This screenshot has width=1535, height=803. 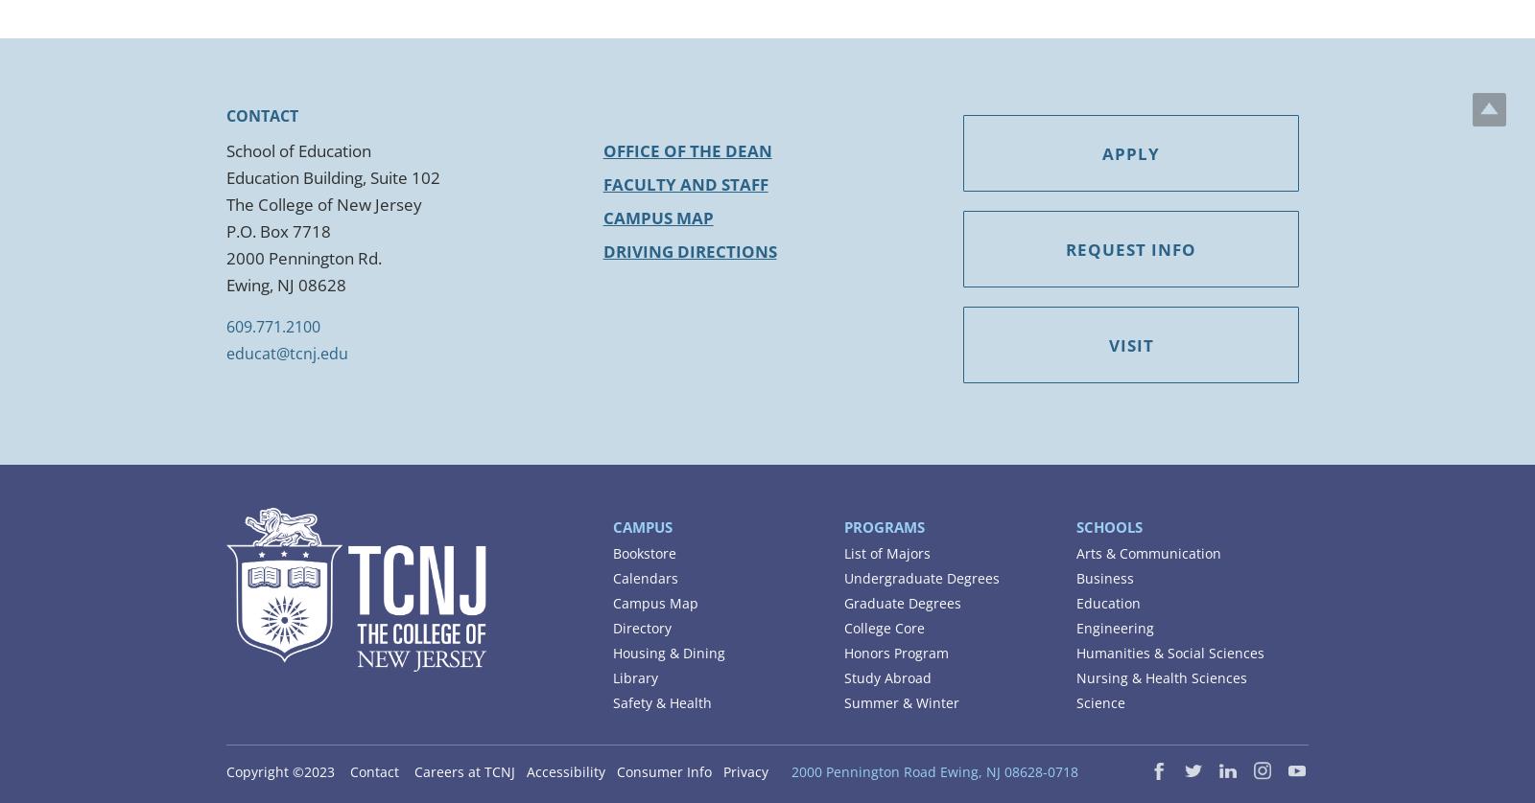 I want to click on 'Library', so click(x=635, y=677).